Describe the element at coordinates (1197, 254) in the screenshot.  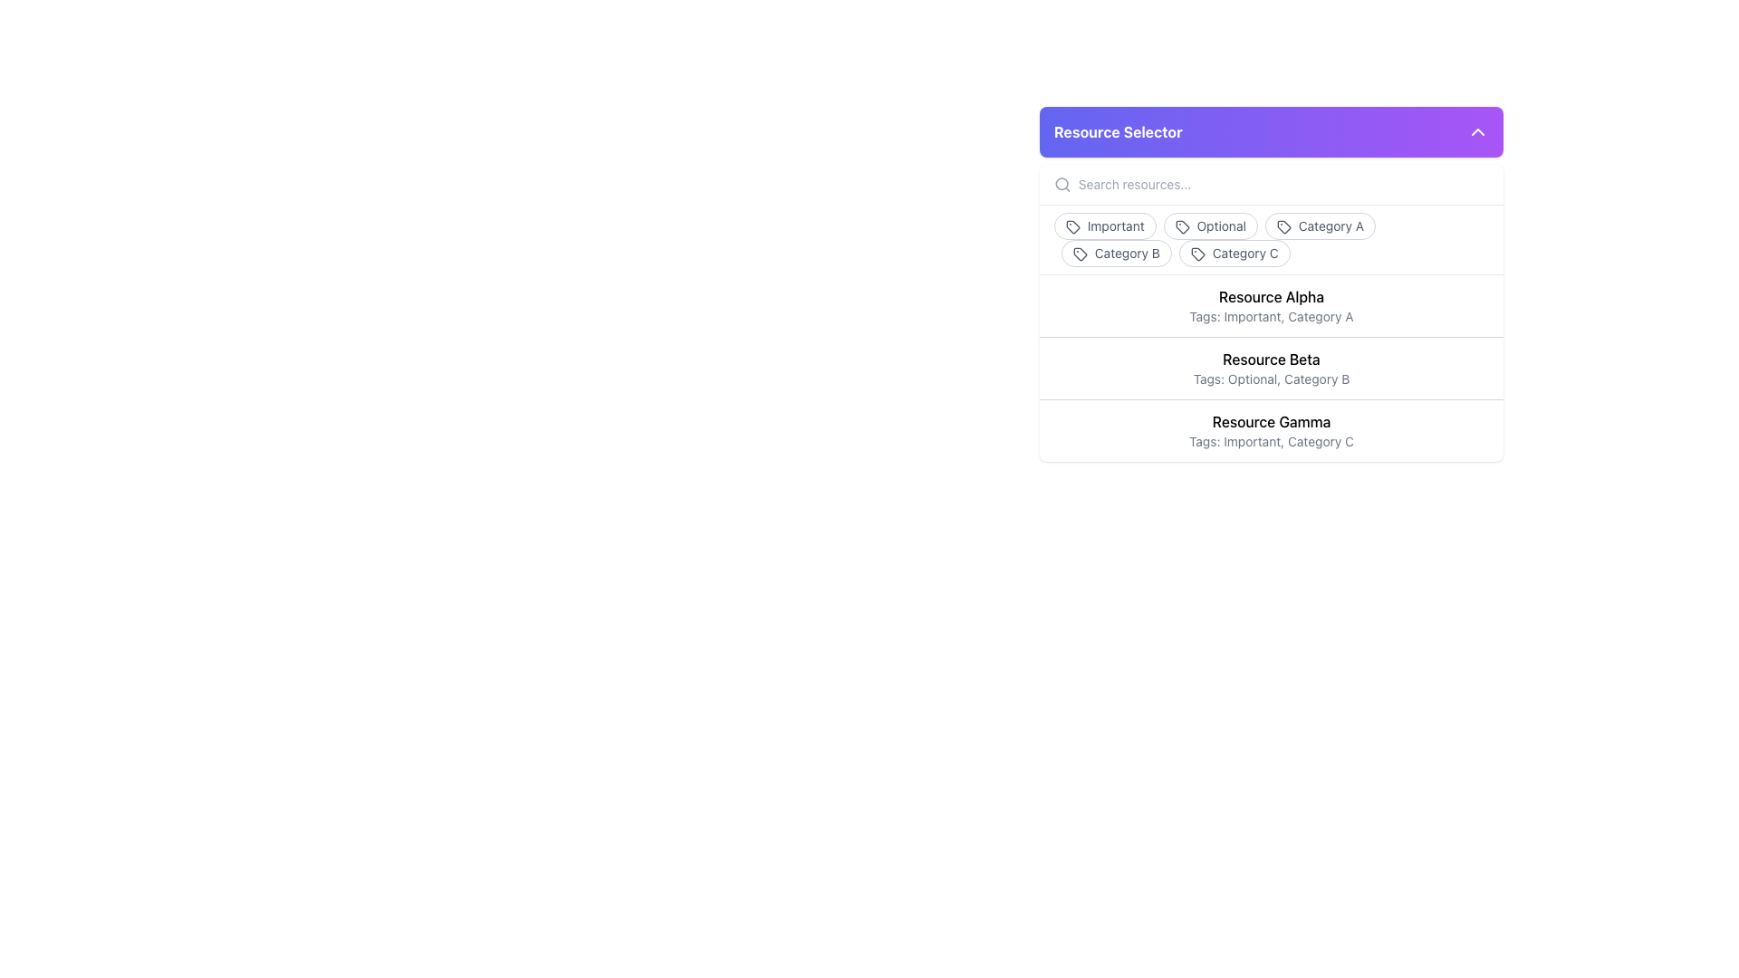
I see `the decorative icon for the 'Category C' button, which is positioned to the left of the 'Category C' text` at that location.